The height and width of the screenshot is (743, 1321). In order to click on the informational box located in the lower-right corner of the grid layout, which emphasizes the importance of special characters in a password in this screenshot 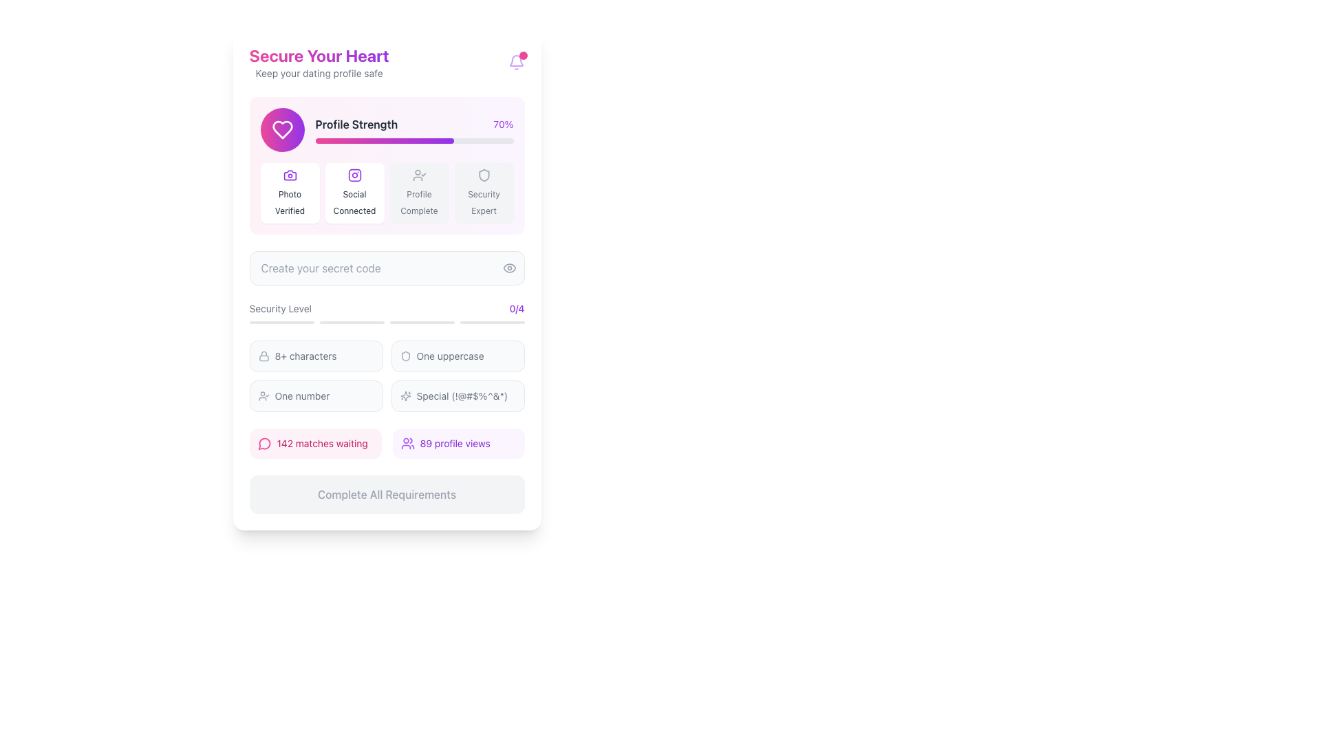, I will do `click(458, 396)`.